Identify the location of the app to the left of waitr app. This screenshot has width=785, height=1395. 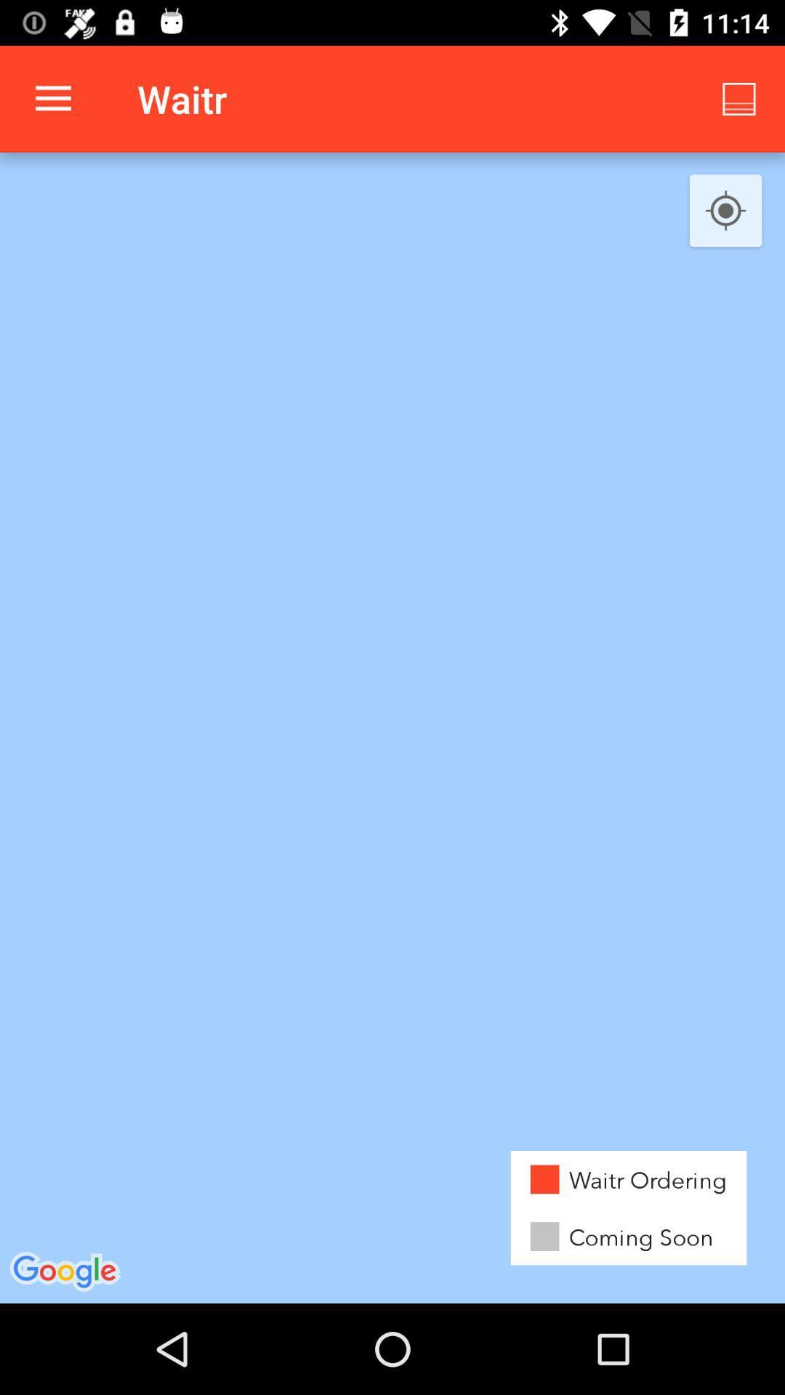
(52, 98).